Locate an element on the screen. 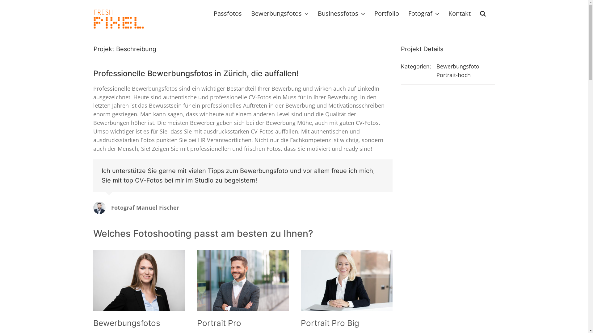 The height and width of the screenshot is (333, 593). 'Passfotos' is located at coordinates (227, 13).